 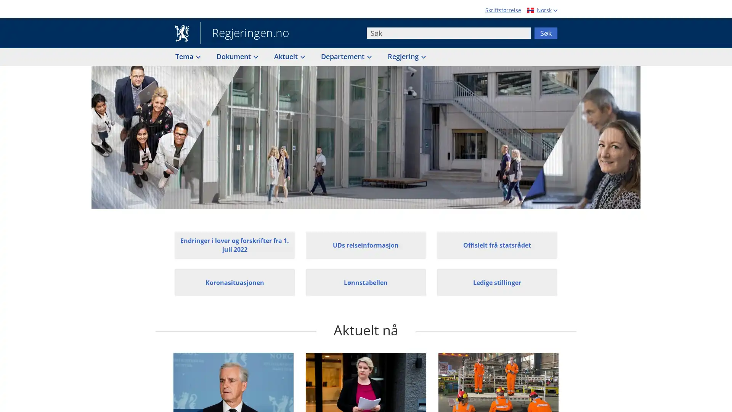 I want to click on Tema, so click(x=187, y=56).